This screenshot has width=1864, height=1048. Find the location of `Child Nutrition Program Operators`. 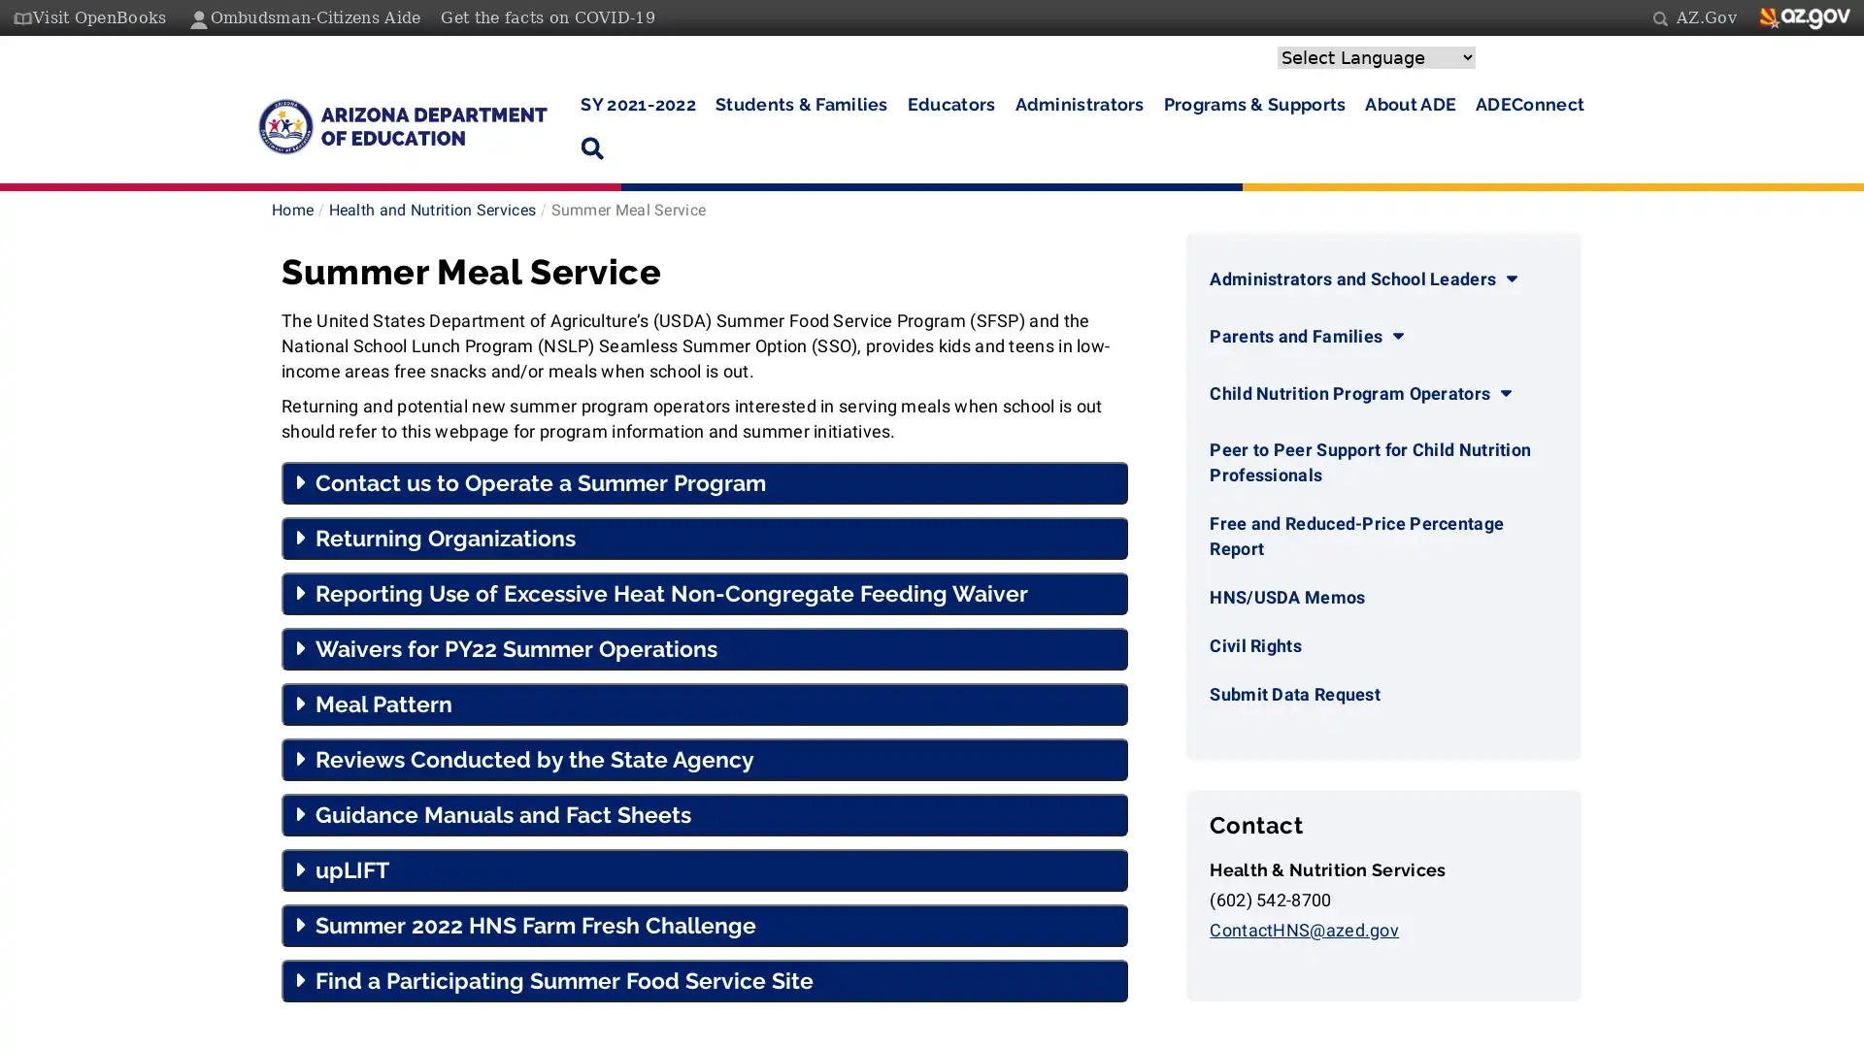

Child Nutrition Program Operators is located at coordinates (1504, 393).